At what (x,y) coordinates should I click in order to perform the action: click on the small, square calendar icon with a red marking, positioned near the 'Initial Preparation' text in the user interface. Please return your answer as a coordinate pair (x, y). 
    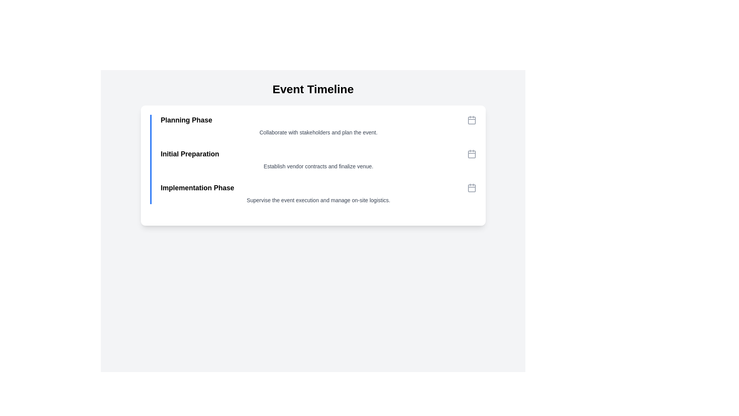
    Looking at the image, I should click on (471, 154).